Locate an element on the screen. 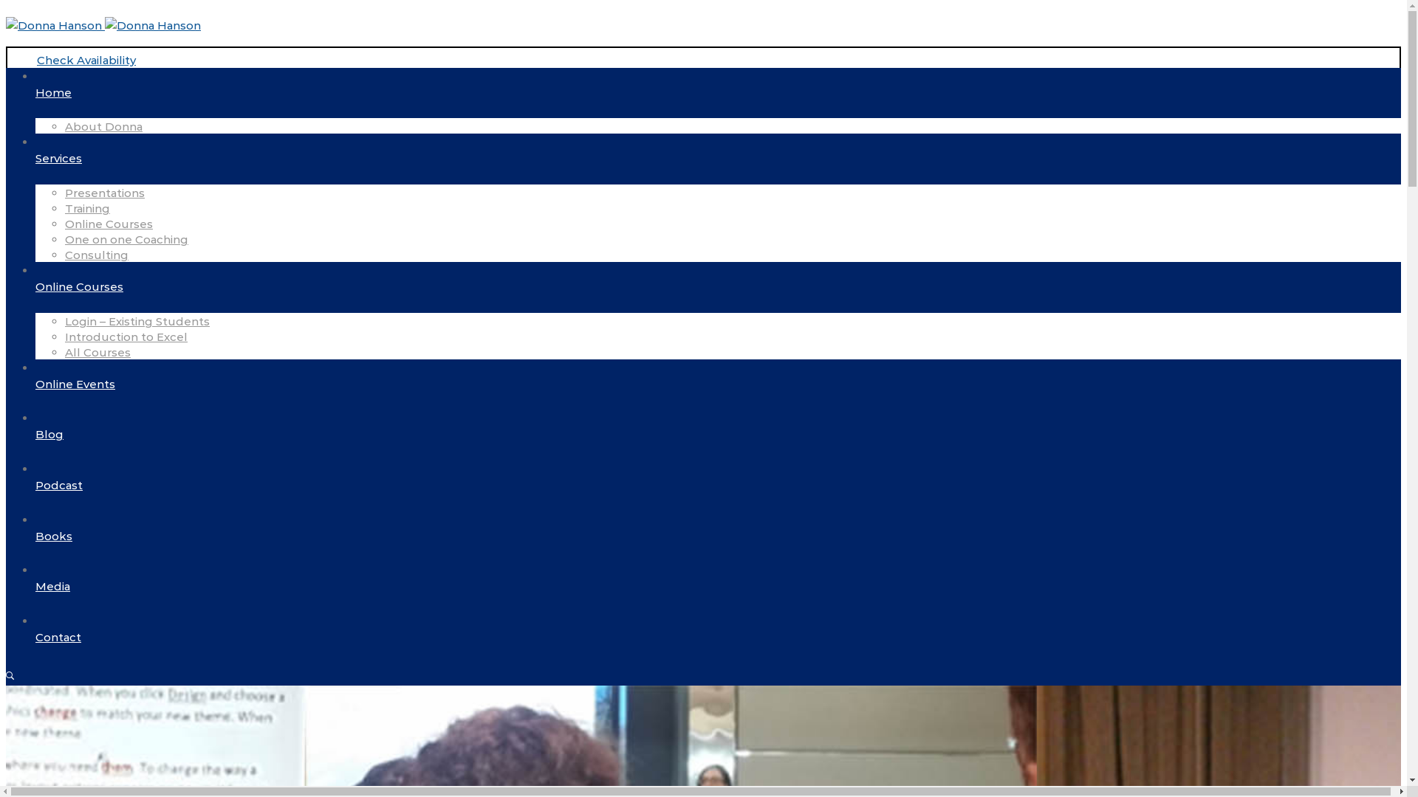  'About Donna' is located at coordinates (733, 126).